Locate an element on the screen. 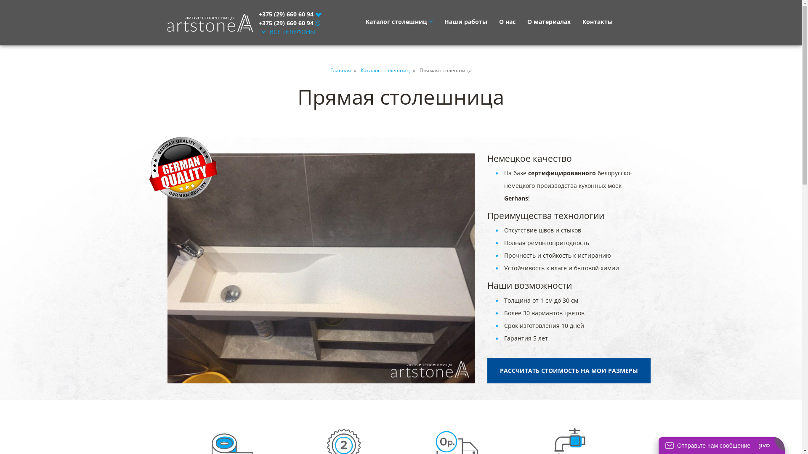 This screenshot has width=808, height=454. '+375 (29) 660 60 94' is located at coordinates (289, 22).